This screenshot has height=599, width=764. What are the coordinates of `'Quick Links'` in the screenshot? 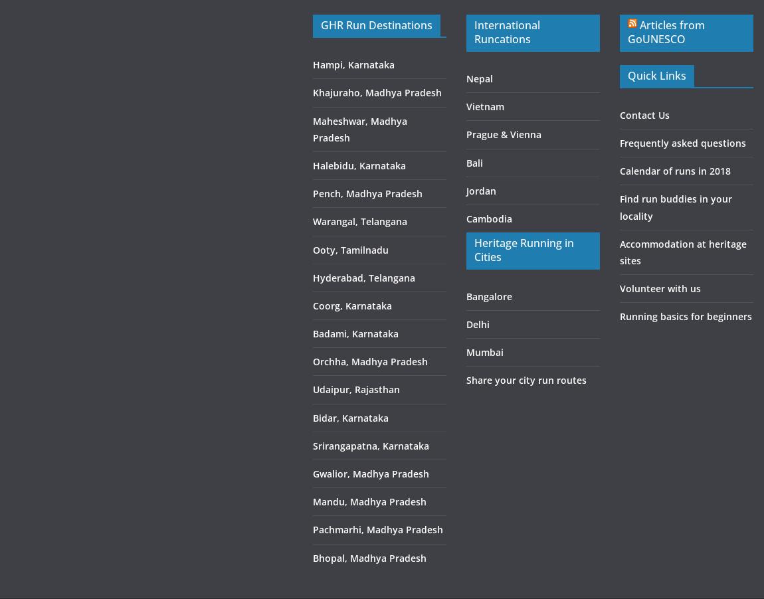 It's located at (656, 76).